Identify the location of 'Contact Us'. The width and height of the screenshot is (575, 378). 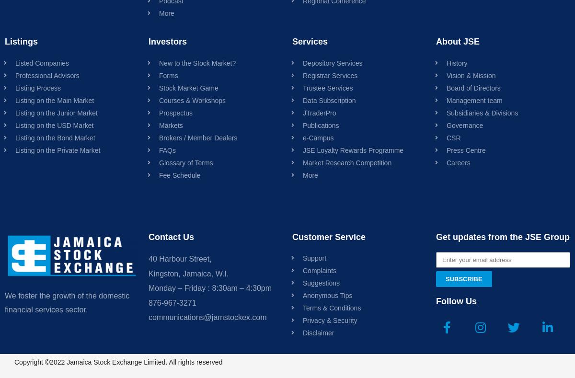
(171, 236).